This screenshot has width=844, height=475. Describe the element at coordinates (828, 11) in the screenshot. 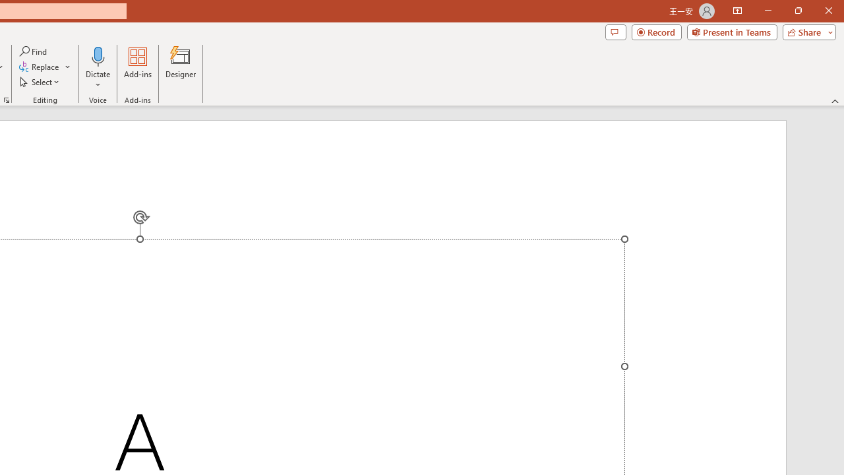

I see `'Close'` at that location.